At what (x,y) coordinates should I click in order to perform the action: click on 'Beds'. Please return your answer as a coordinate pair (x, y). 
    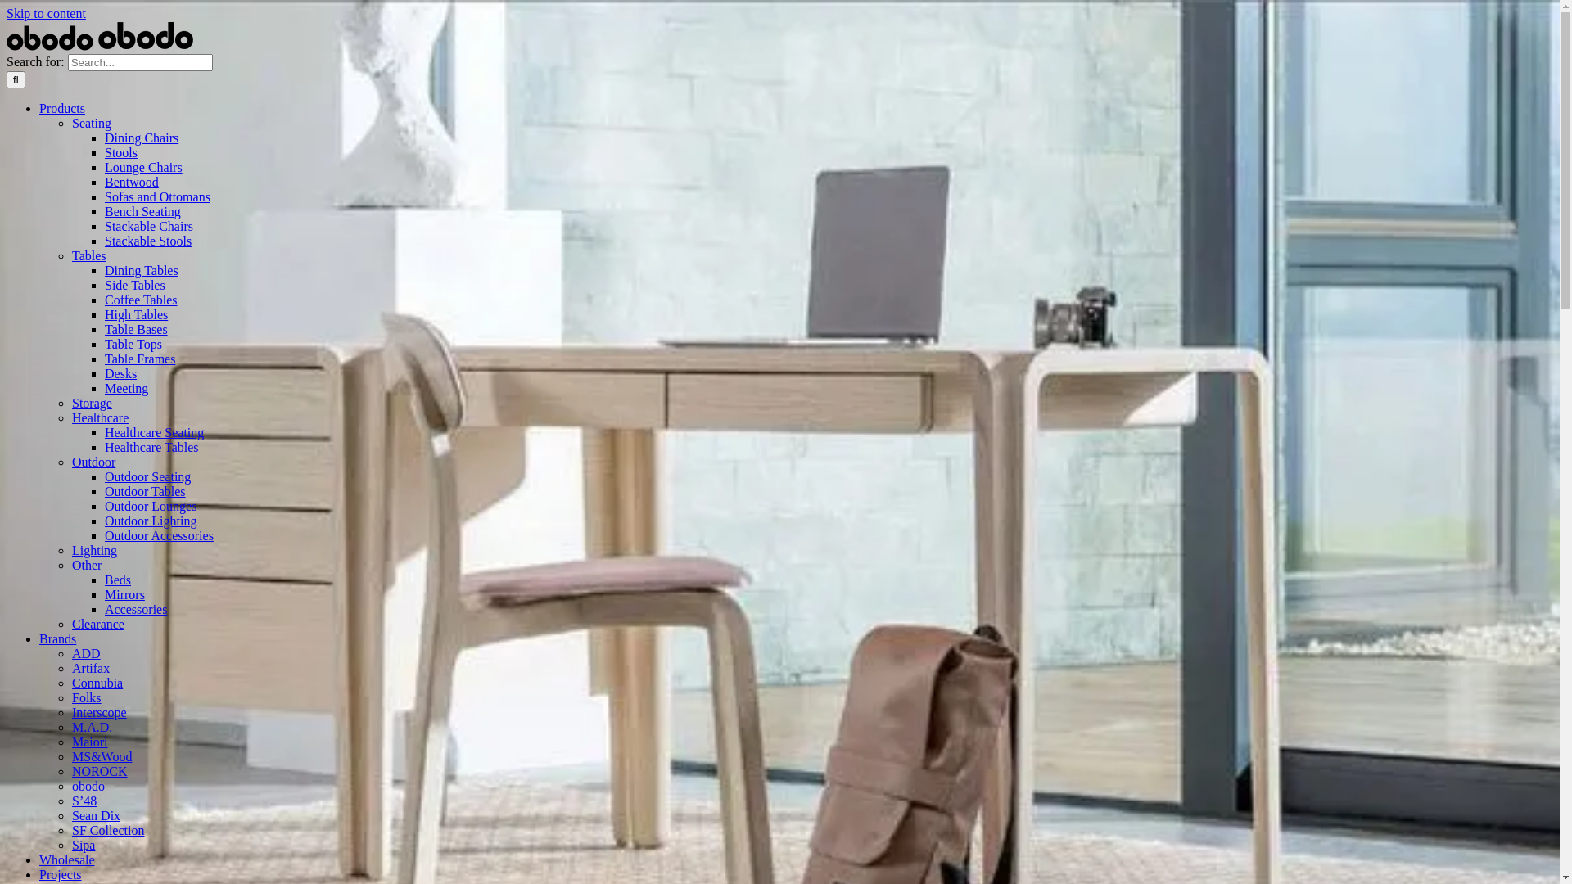
    Looking at the image, I should click on (117, 579).